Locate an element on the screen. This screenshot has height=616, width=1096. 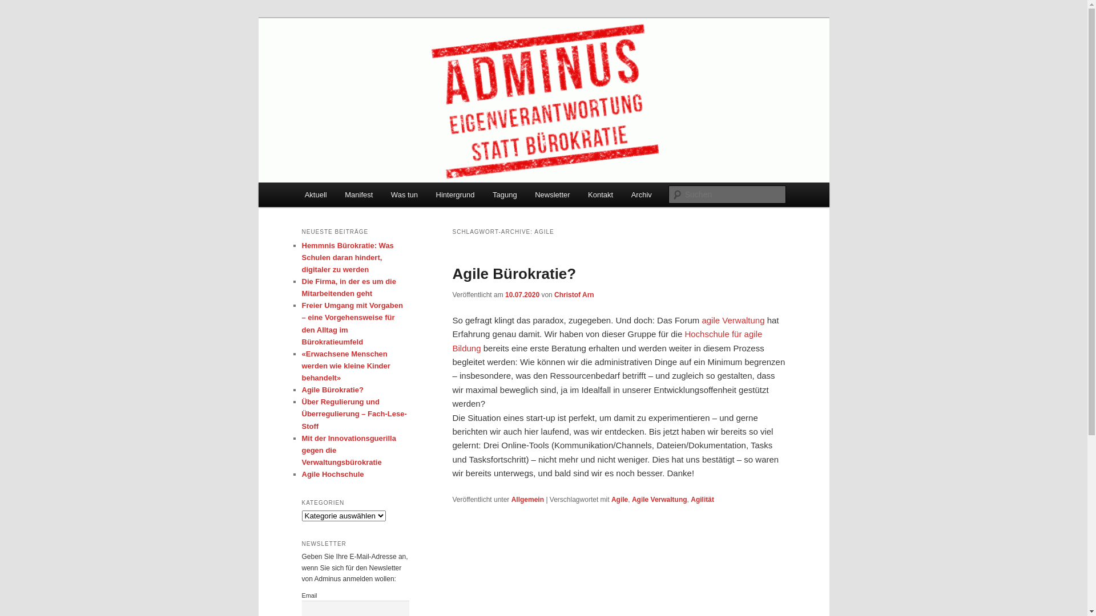
'Hintergrund' is located at coordinates (454, 194).